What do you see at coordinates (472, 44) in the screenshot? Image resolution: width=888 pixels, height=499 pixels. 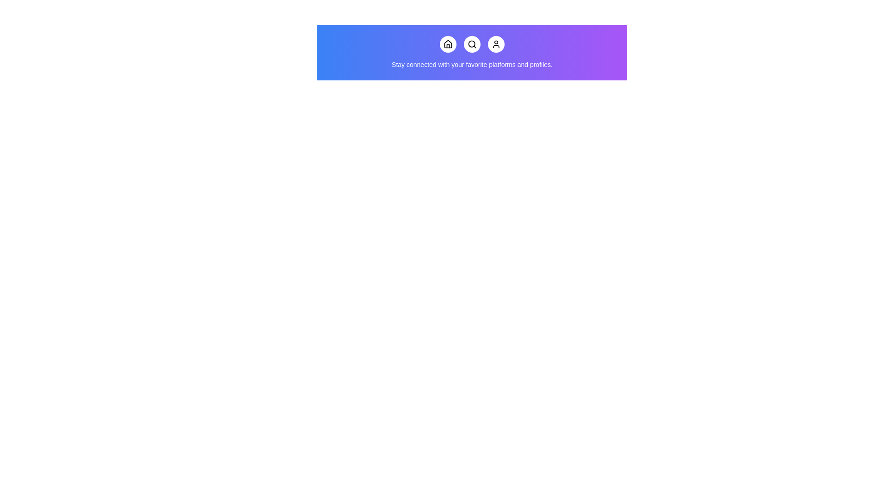 I see `the circular outline within the magnifying glass icon located in the navigation bar at the top of the interface` at bounding box center [472, 44].